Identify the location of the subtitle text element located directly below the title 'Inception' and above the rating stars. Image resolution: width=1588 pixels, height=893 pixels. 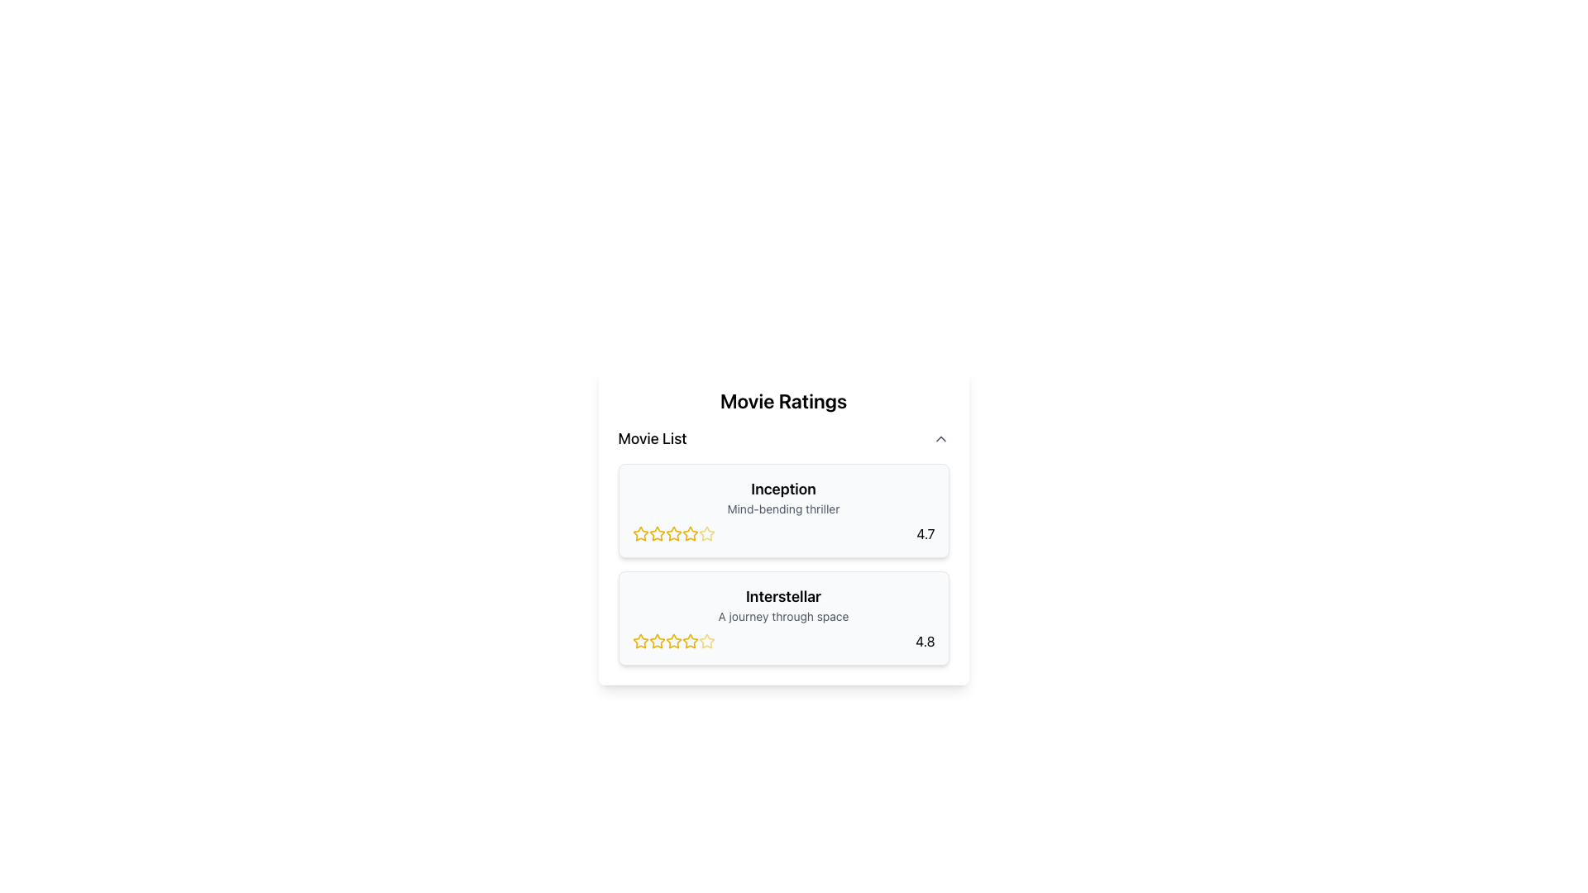
(782, 509).